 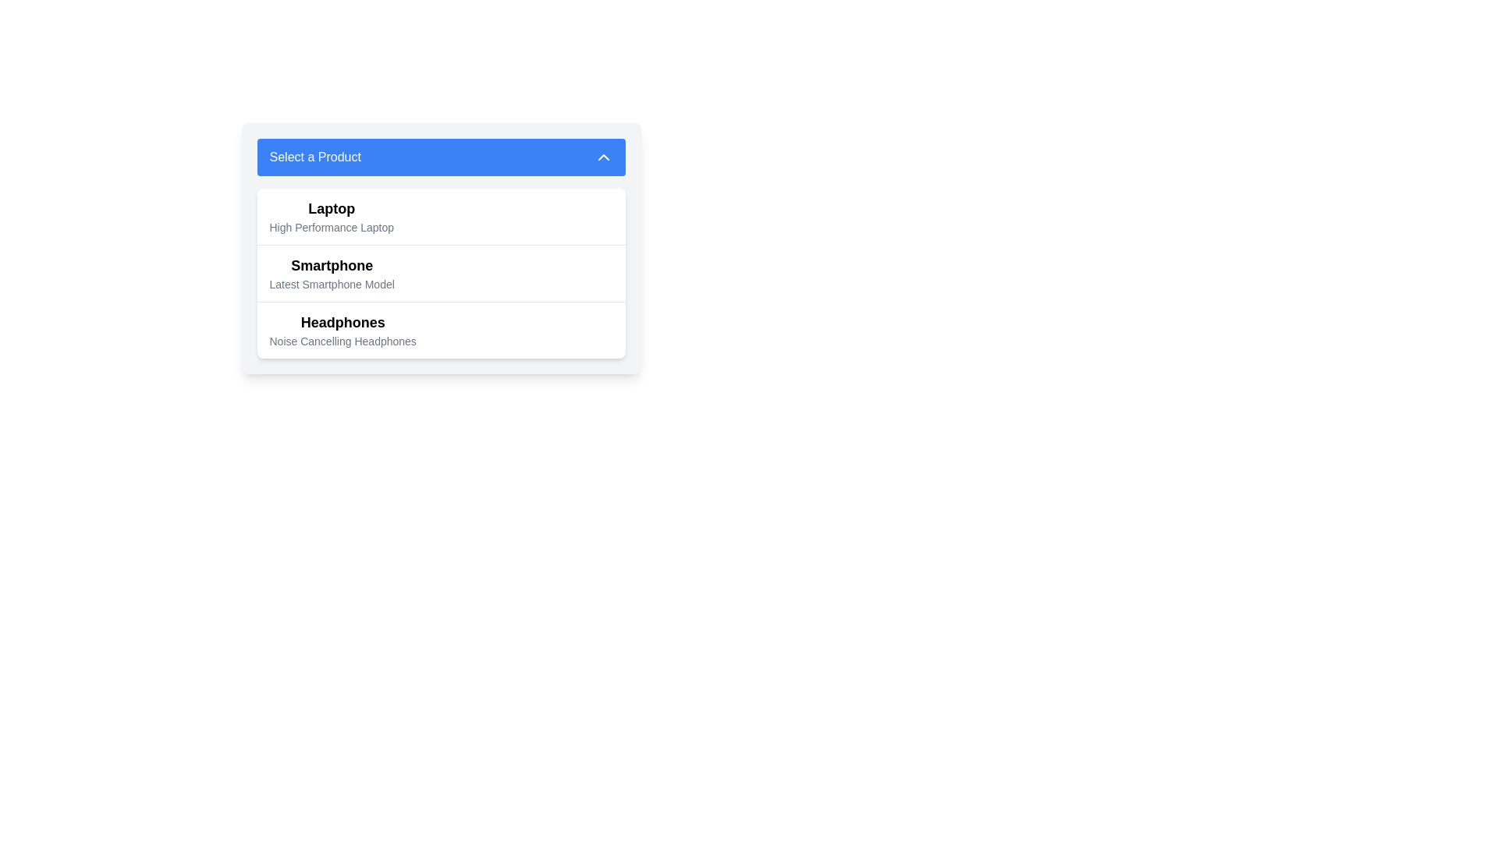 I want to click on text of the informational component displaying 'Laptop' and 'High Performance Laptop' which is the first item under 'Select a Product.', so click(x=331, y=216).